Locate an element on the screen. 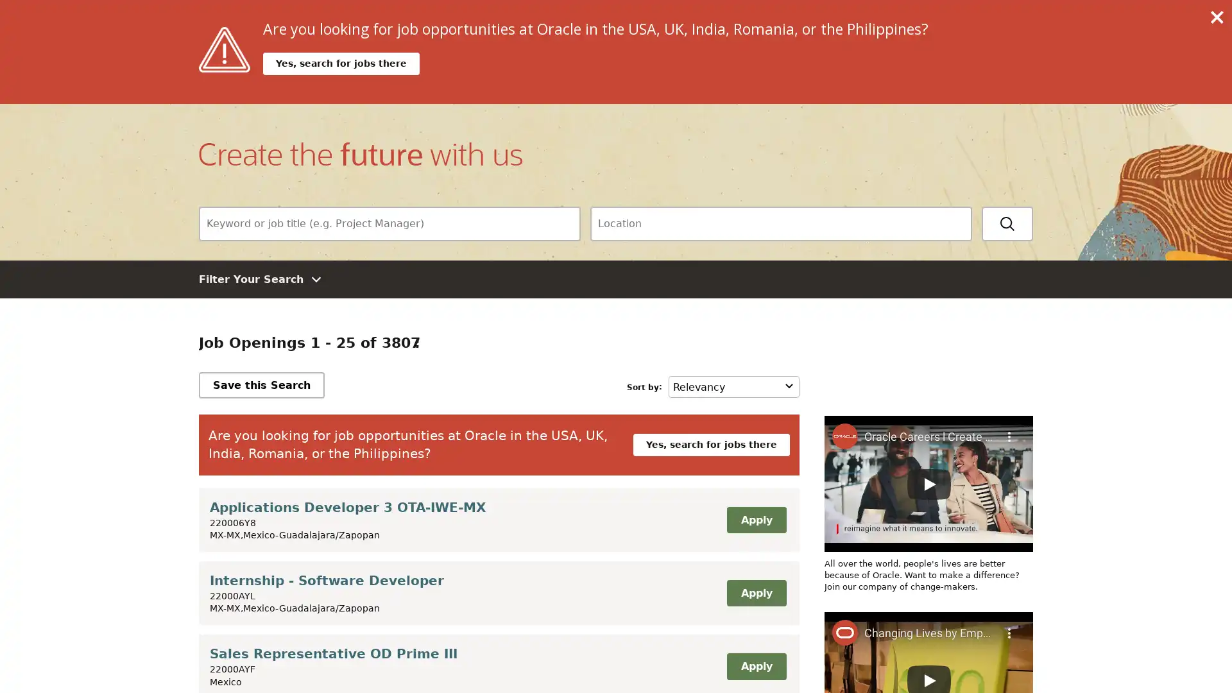 This screenshot has width=1232, height=693. Search for jobs is located at coordinates (1006, 222).